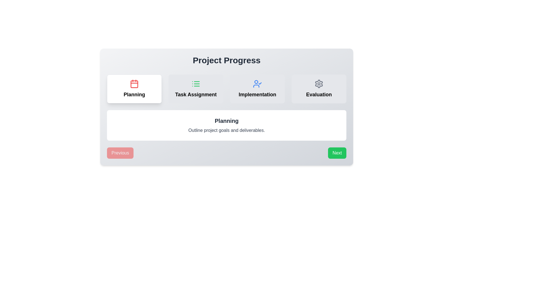 The width and height of the screenshot is (542, 305). What do you see at coordinates (257, 94) in the screenshot?
I see `the 'Implementation' text label located in the 'Project Progress' section, which is centrally positioned in the third column of a four-column layout, just beneath the user checkmark icon` at bounding box center [257, 94].